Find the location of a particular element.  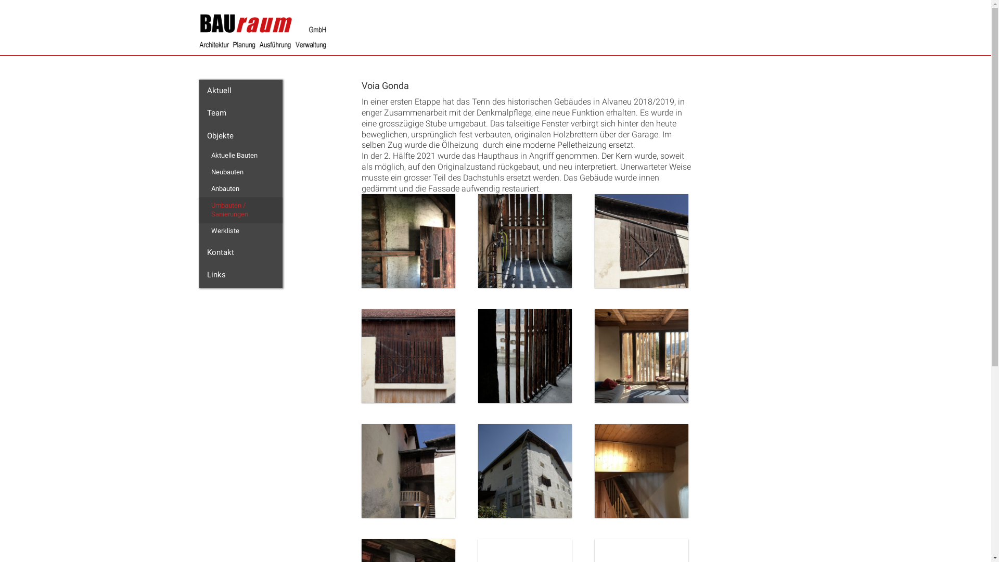

'Links' is located at coordinates (239, 274).